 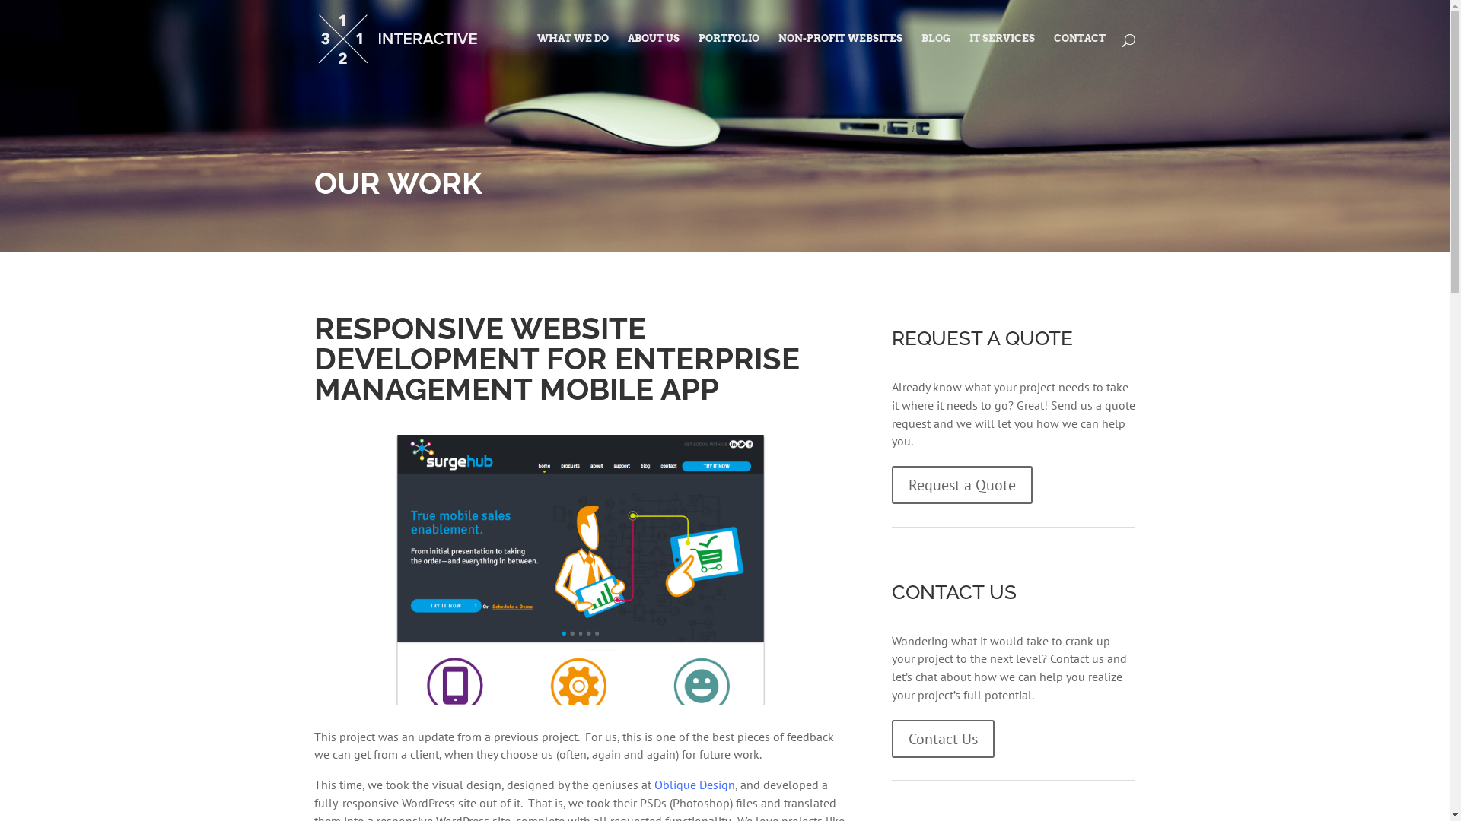 What do you see at coordinates (1052, 55) in the screenshot?
I see `'CONTACT'` at bounding box center [1052, 55].